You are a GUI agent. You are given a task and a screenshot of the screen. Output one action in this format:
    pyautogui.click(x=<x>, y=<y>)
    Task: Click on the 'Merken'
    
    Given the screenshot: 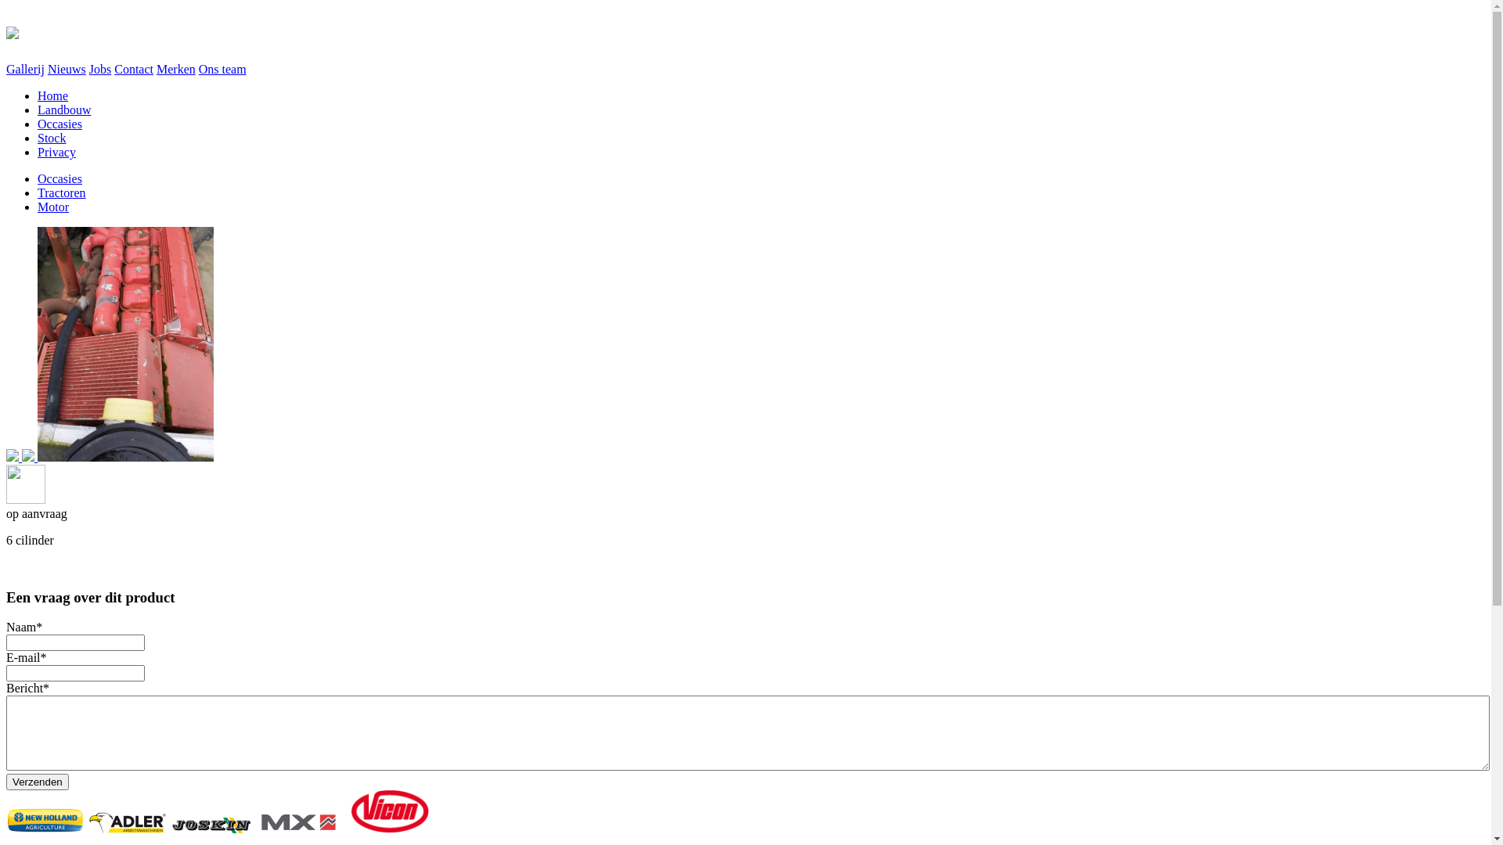 What is the action you would take?
    pyautogui.click(x=176, y=68)
    